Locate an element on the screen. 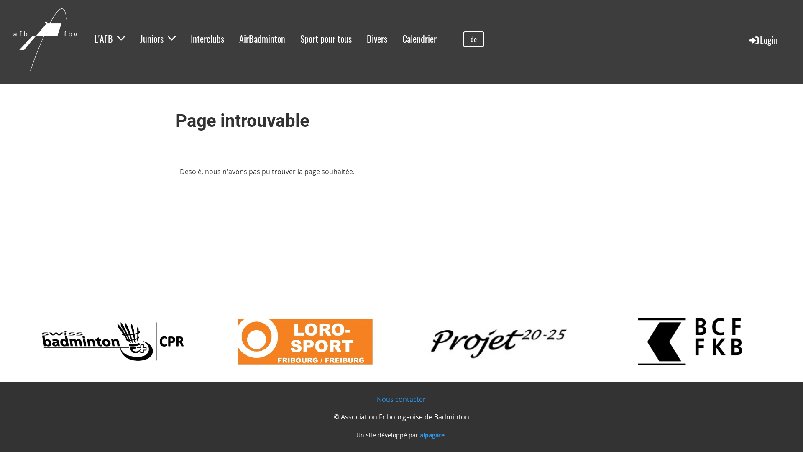  'Login' is located at coordinates (763, 39).